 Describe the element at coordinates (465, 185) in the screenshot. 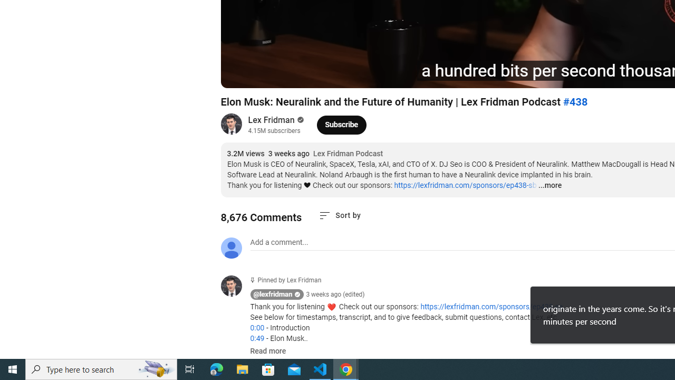

I see `'https://lexfridman.com/sponsors/ep438-sb'` at that location.